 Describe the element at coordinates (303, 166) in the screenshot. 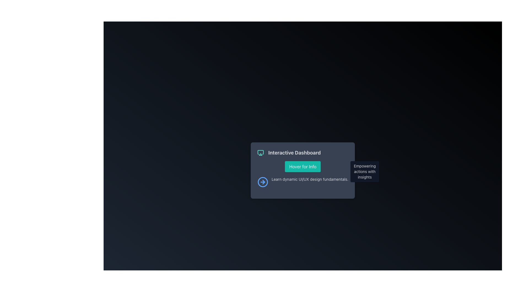

I see `the button with teal background and white text that says 'Hover for Info', located centrally beneath the title 'Interactive Dashboard'` at that location.